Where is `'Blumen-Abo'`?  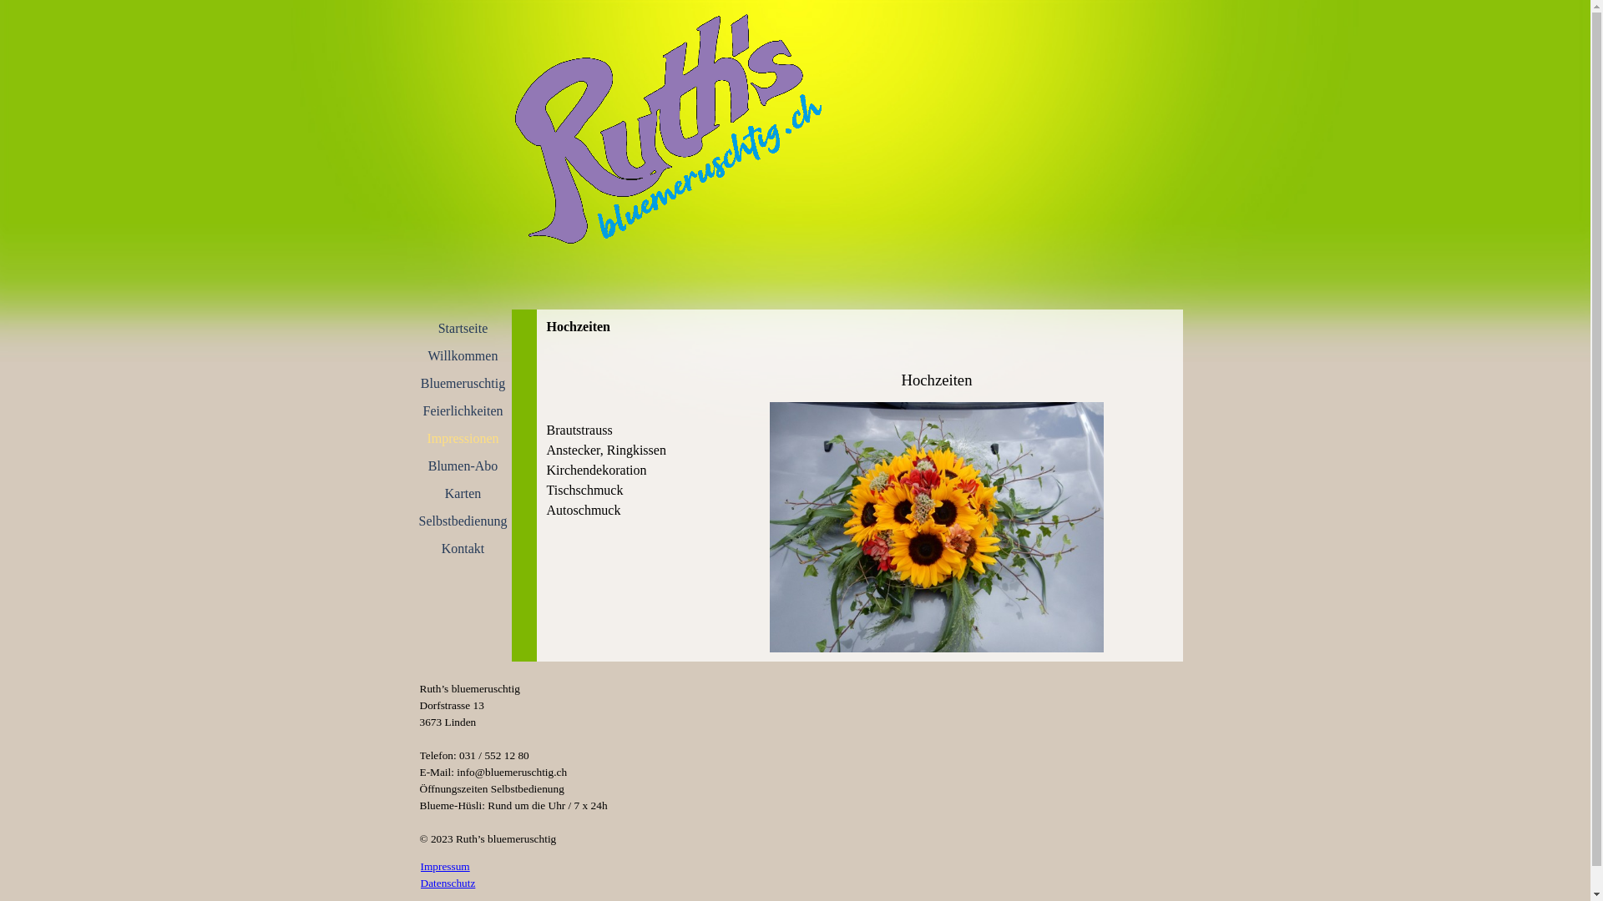
'Blumen-Abo' is located at coordinates (408, 466).